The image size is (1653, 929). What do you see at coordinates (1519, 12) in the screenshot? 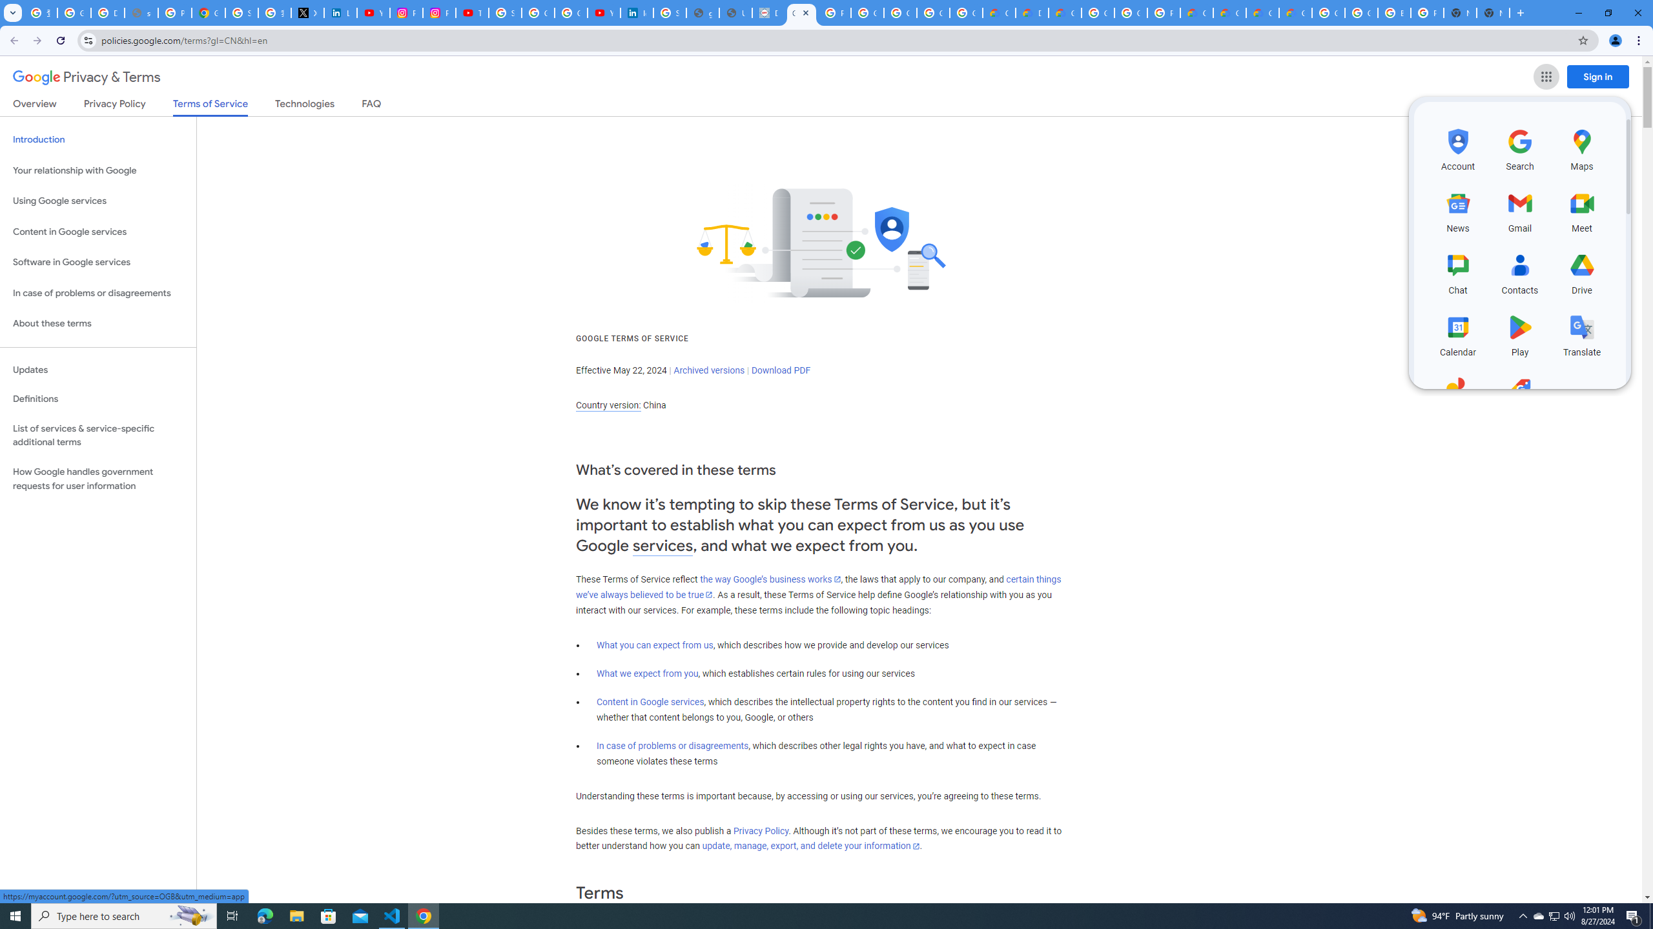
I see `'New Tab'` at bounding box center [1519, 12].